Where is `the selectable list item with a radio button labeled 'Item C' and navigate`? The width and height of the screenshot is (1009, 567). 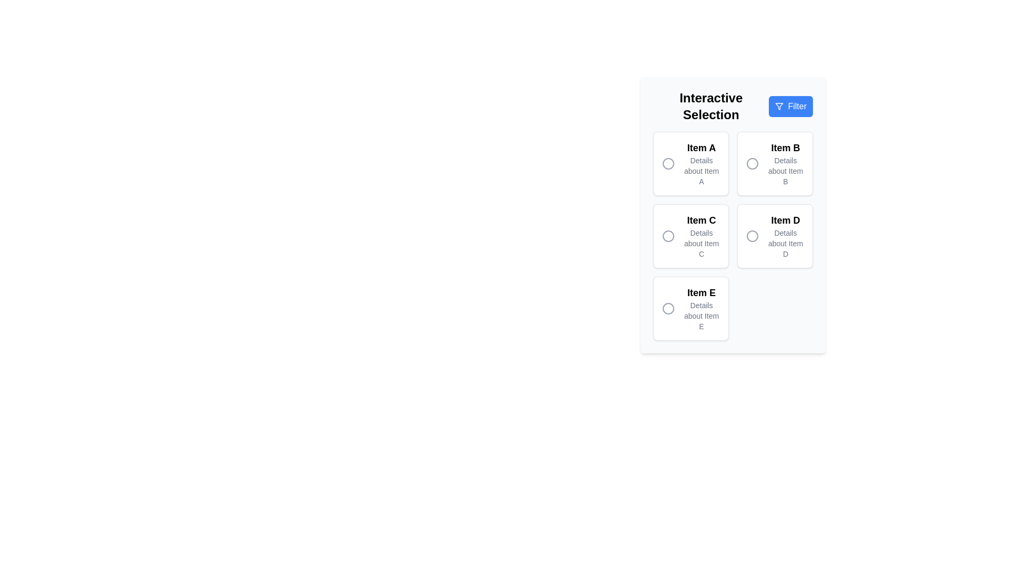
the selectable list item with a radio button labeled 'Item C' and navigate is located at coordinates (691, 236).